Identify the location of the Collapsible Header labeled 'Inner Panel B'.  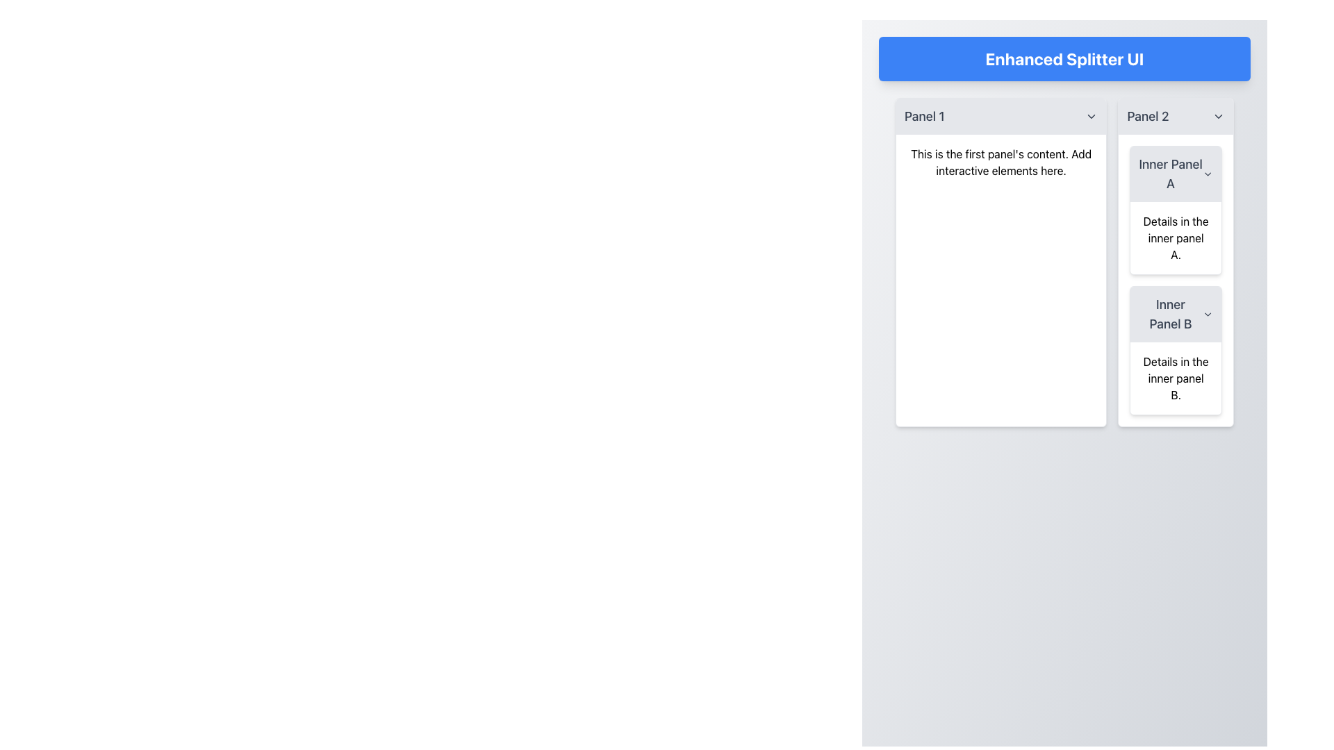
(1175, 314).